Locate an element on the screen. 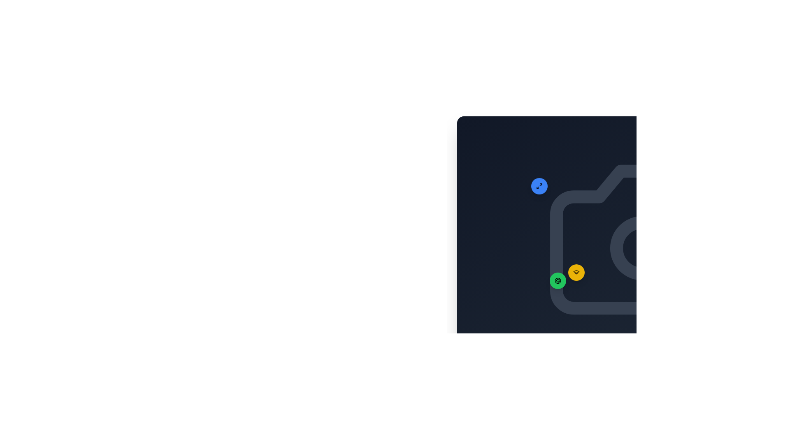 The width and height of the screenshot is (790, 444). the maximize icon located in the top-right circular control element is located at coordinates (539, 186).